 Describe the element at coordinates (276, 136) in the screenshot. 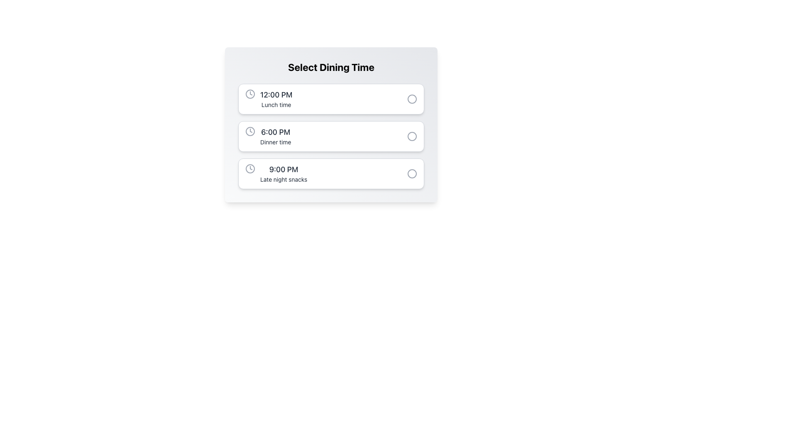

I see `text content of the second list item labeled '6:00 PM' followed by 'Dinner time' in a vertical list` at that location.